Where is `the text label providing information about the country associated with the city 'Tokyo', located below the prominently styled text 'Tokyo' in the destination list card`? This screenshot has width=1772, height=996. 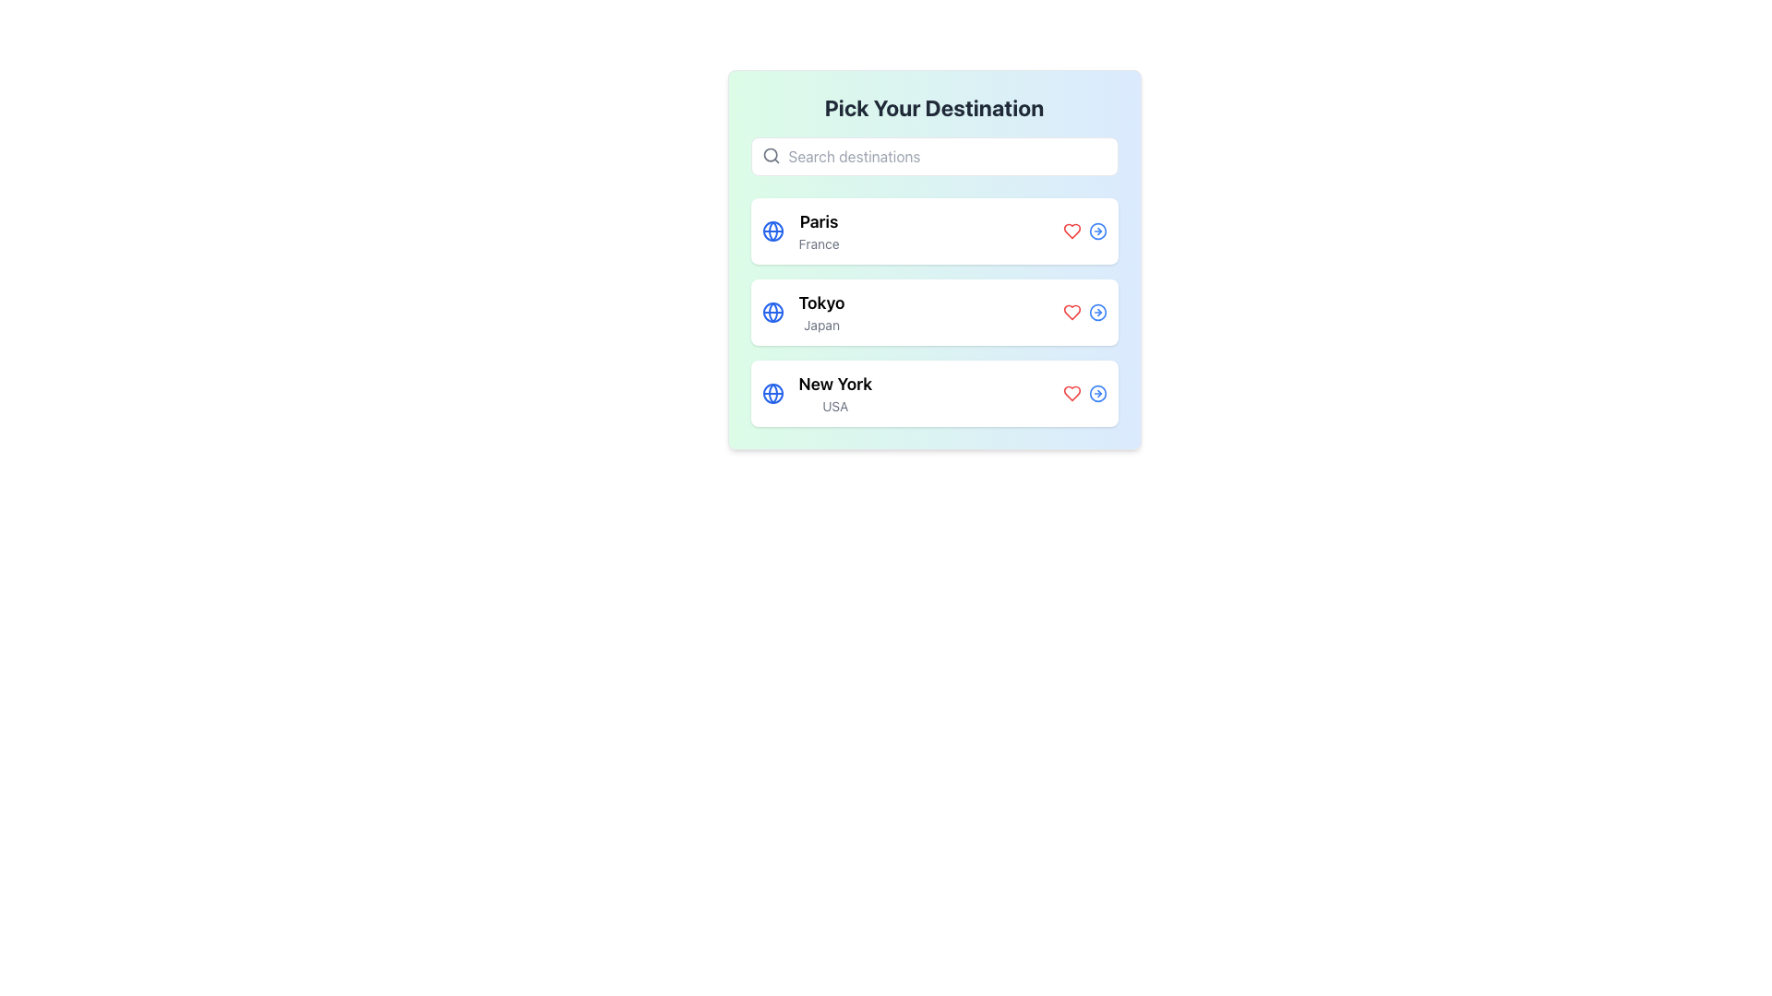 the text label providing information about the country associated with the city 'Tokyo', located below the prominently styled text 'Tokyo' in the destination list card is located at coordinates (820, 325).